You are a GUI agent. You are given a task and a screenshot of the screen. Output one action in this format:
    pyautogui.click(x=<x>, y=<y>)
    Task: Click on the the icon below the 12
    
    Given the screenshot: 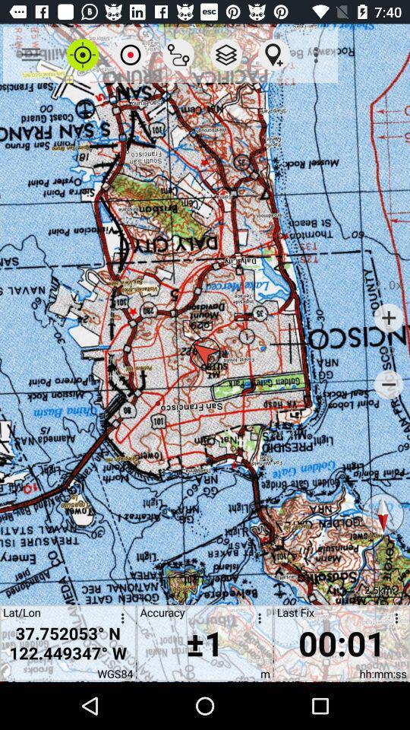 What is the action you would take?
    pyautogui.click(x=389, y=384)
    